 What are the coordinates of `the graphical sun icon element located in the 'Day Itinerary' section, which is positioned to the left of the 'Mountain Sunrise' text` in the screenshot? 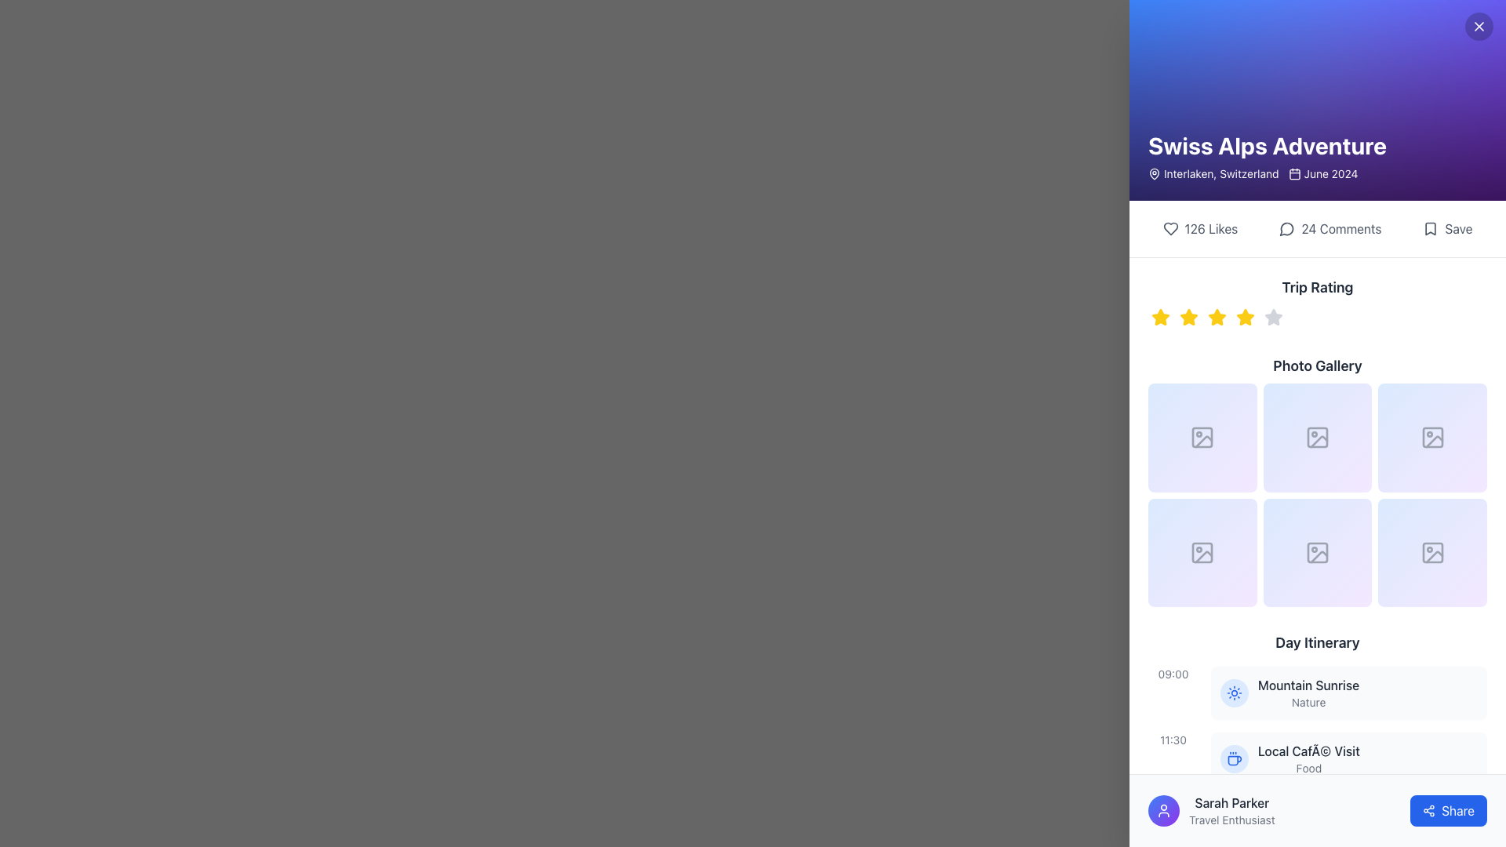 It's located at (1234, 692).